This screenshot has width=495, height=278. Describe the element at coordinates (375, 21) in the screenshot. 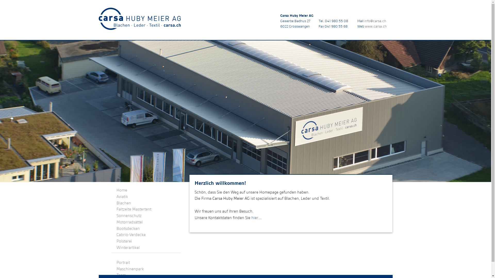

I see `'info@carsa.ch'` at that location.